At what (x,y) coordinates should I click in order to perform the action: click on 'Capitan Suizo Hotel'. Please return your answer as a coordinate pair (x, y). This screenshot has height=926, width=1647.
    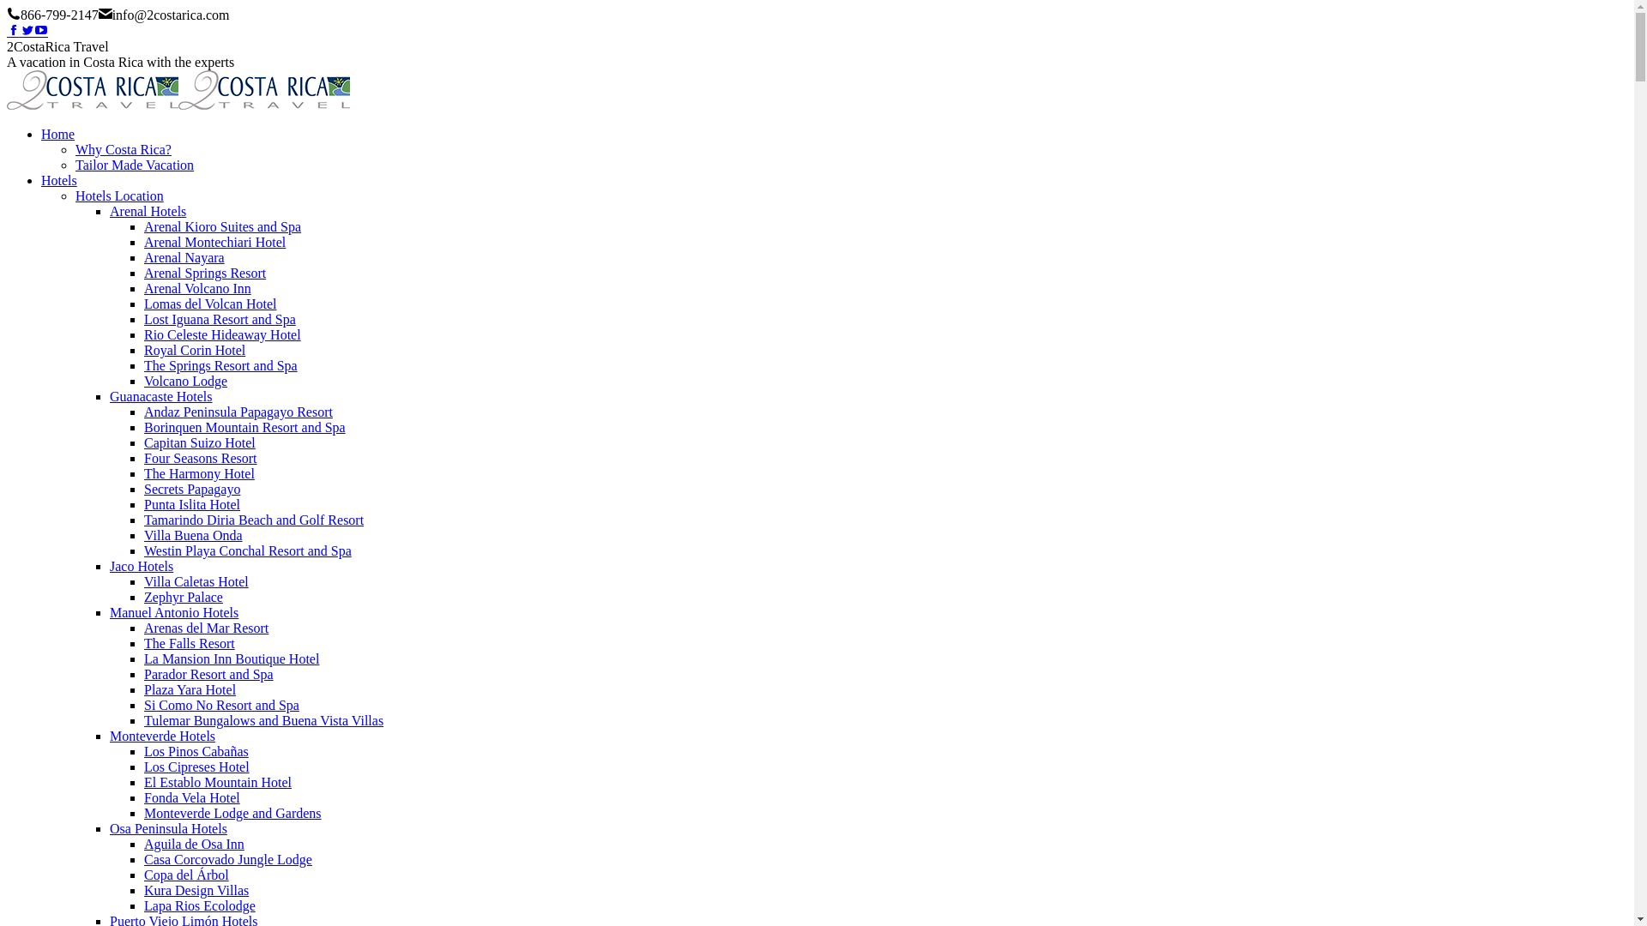
    Looking at the image, I should click on (200, 442).